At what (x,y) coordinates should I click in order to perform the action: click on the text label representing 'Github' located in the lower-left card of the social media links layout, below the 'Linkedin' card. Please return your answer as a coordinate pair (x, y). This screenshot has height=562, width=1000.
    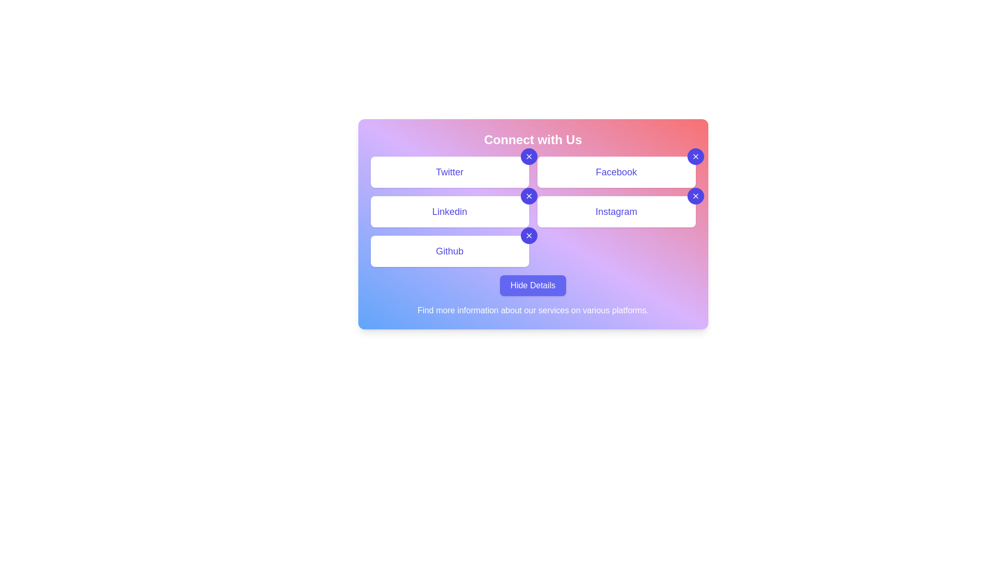
    Looking at the image, I should click on (449, 251).